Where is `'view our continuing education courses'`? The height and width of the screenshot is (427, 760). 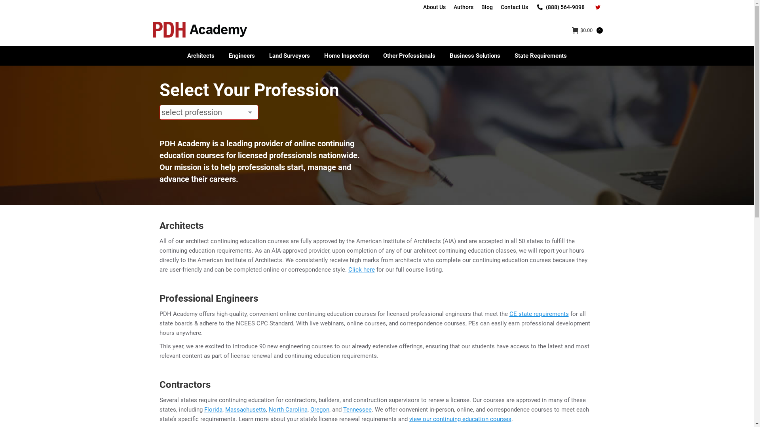
'view our continuing education courses' is located at coordinates (460, 419).